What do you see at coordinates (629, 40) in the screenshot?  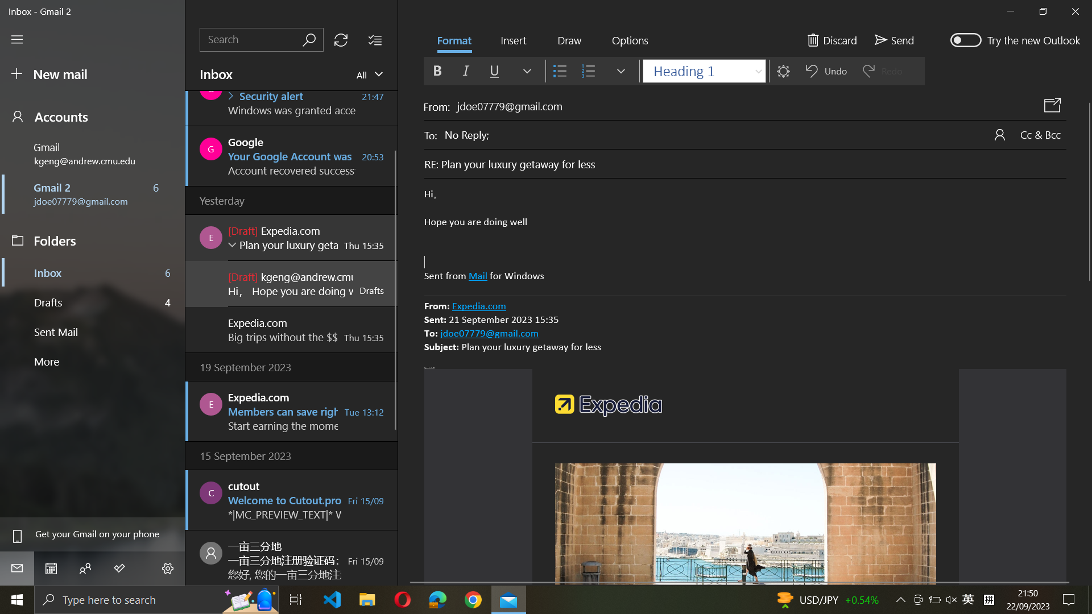 I see `1st option from Options` at bounding box center [629, 40].